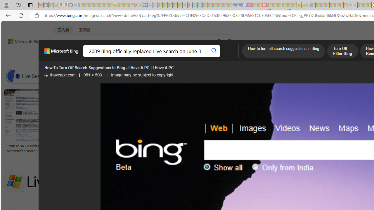 The image size is (374, 210). I want to click on 'Latest Politics News & Archive | Newsweek.com - Sleeping', so click(264, 5).